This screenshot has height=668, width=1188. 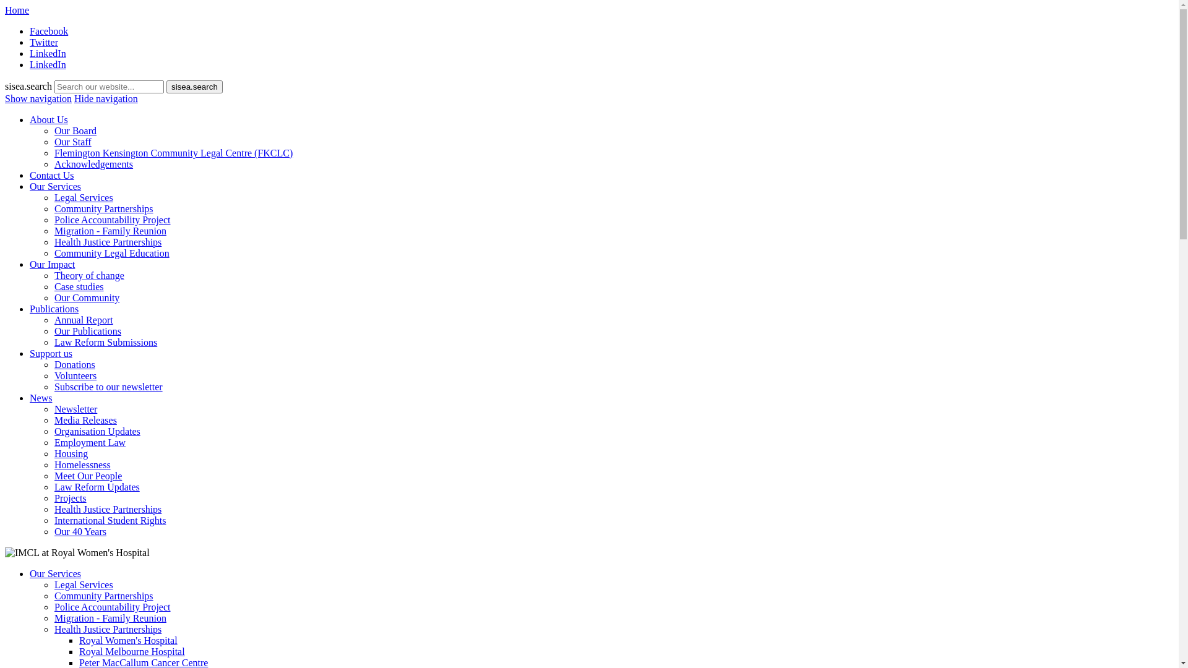 I want to click on 'Royal Women's Hospital', so click(x=128, y=640).